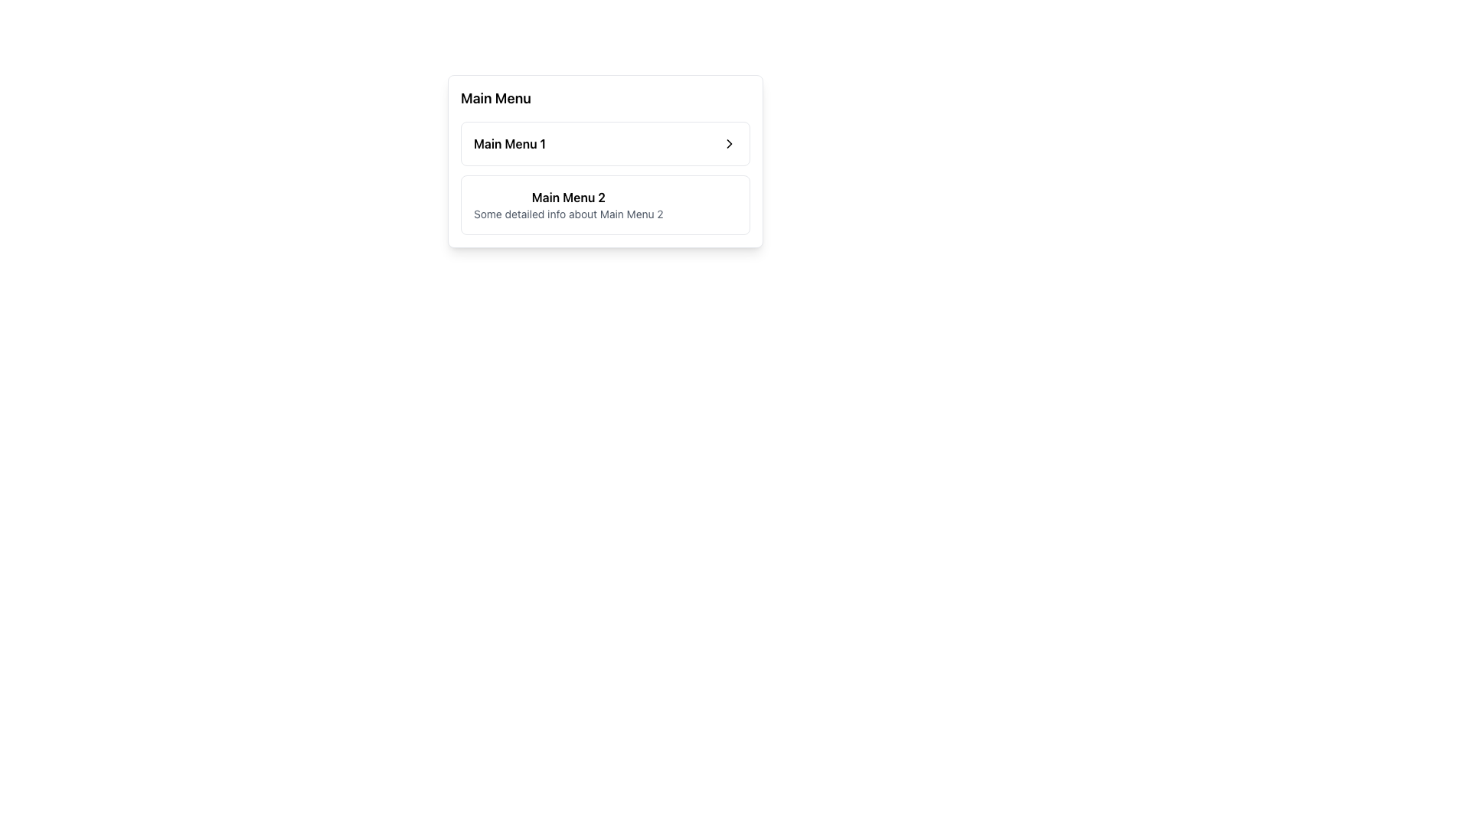 This screenshot has height=827, width=1470. What do you see at coordinates (510, 144) in the screenshot?
I see `the 'Main Menu 1' title label located on the left side of its card in the top center of the interface` at bounding box center [510, 144].